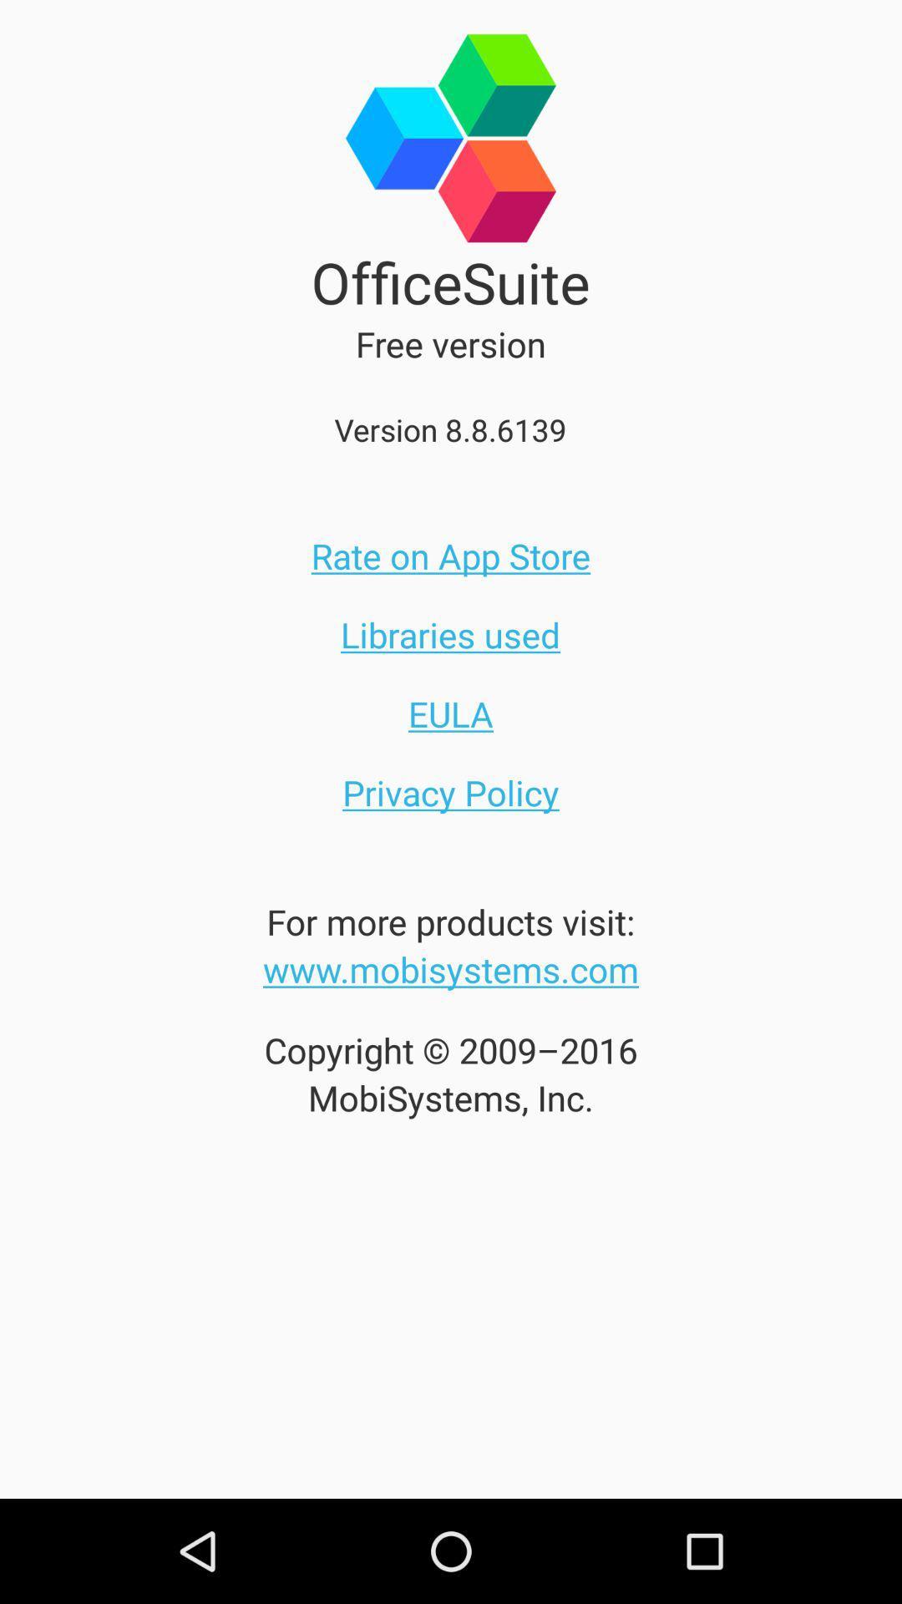 Image resolution: width=902 pixels, height=1604 pixels. What do you see at coordinates (451, 556) in the screenshot?
I see `rate on app store` at bounding box center [451, 556].